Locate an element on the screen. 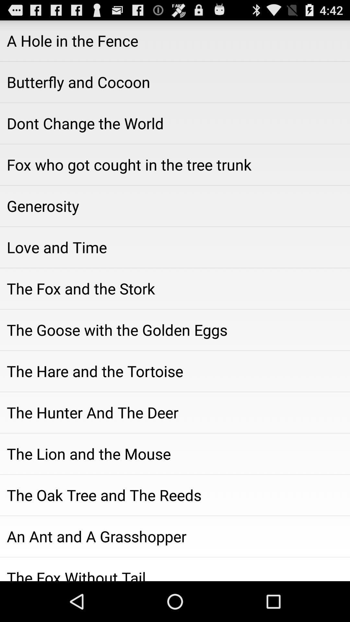 Image resolution: width=350 pixels, height=622 pixels. icon above the dont change the icon is located at coordinates (175, 82).